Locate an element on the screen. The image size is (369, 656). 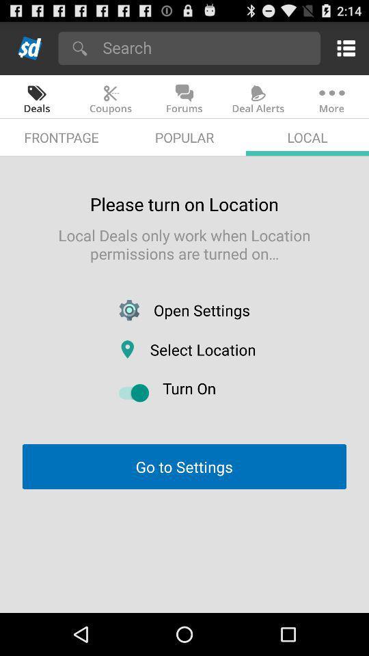
search bar text is located at coordinates (206, 47).